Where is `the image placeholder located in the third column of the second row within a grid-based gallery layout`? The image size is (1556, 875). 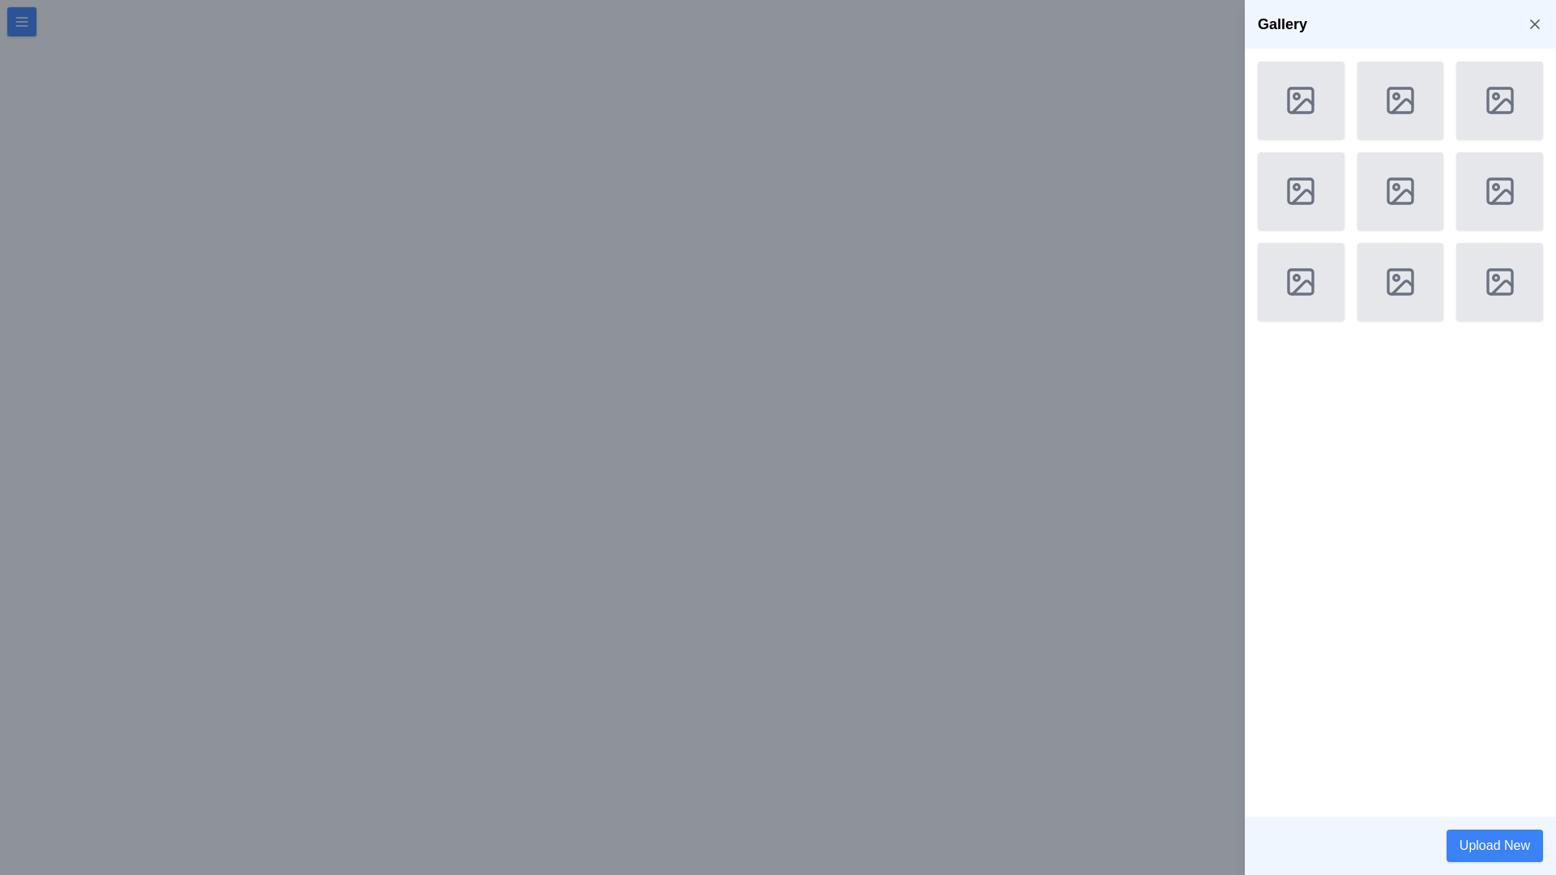
the image placeholder located in the third column of the second row within a grid-based gallery layout is located at coordinates (1498, 190).